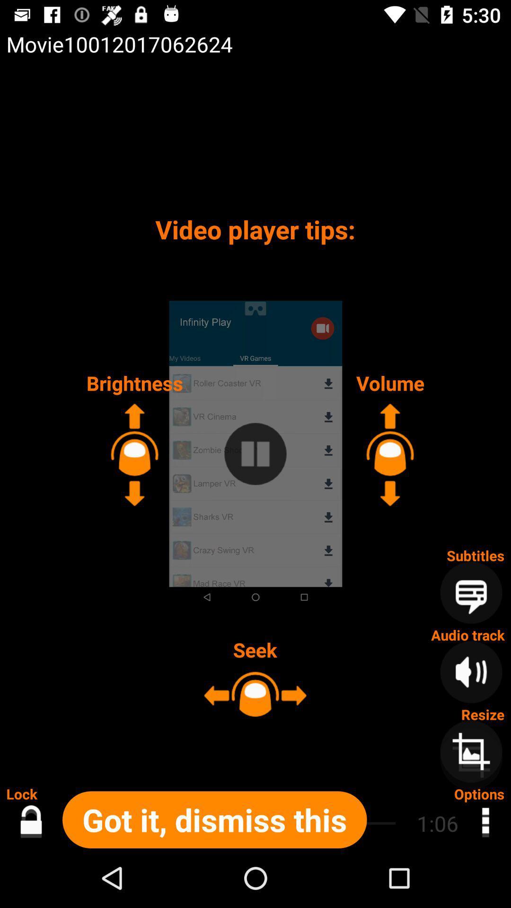  I want to click on the lock icon, so click(30, 823).